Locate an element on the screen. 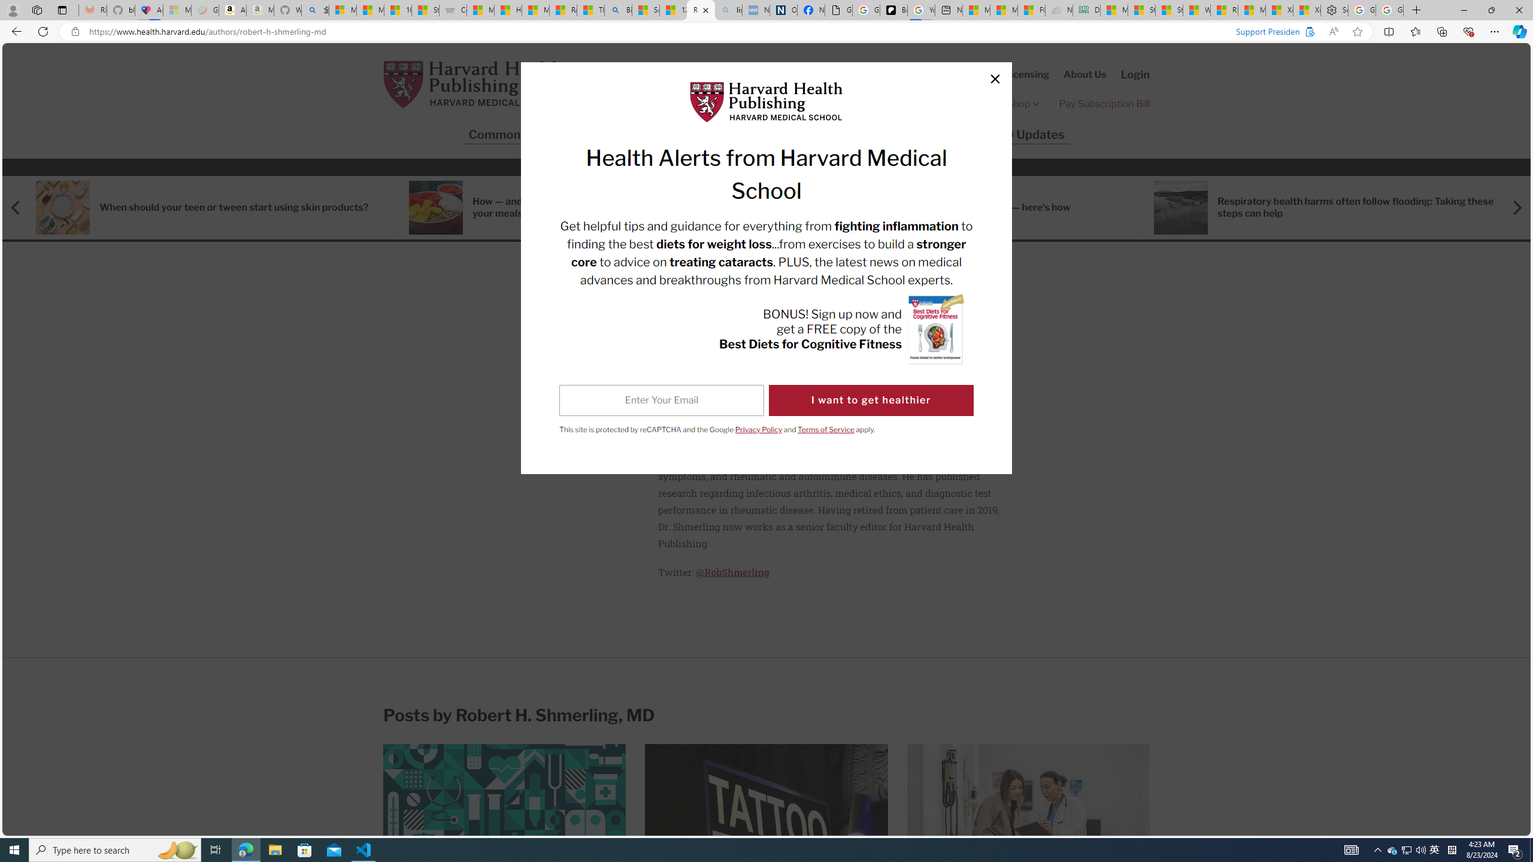 Image resolution: width=1533 pixels, height=862 pixels. 'Harvard Health Publishing Logo' is located at coordinates (766, 101).